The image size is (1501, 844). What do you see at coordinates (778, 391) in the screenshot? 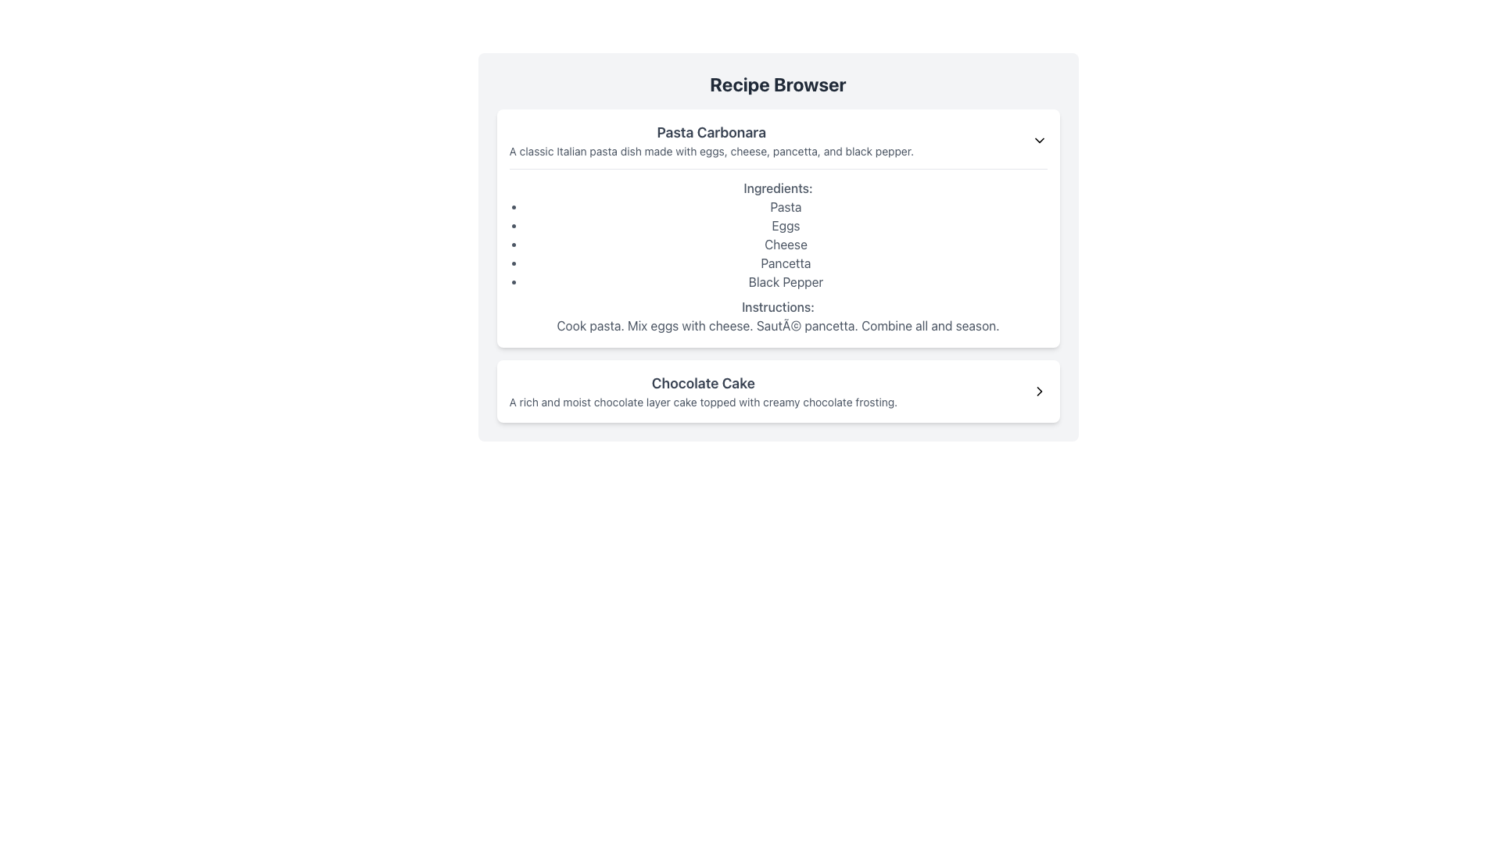
I see `the list item titled 'Chocolate Cake'` at bounding box center [778, 391].